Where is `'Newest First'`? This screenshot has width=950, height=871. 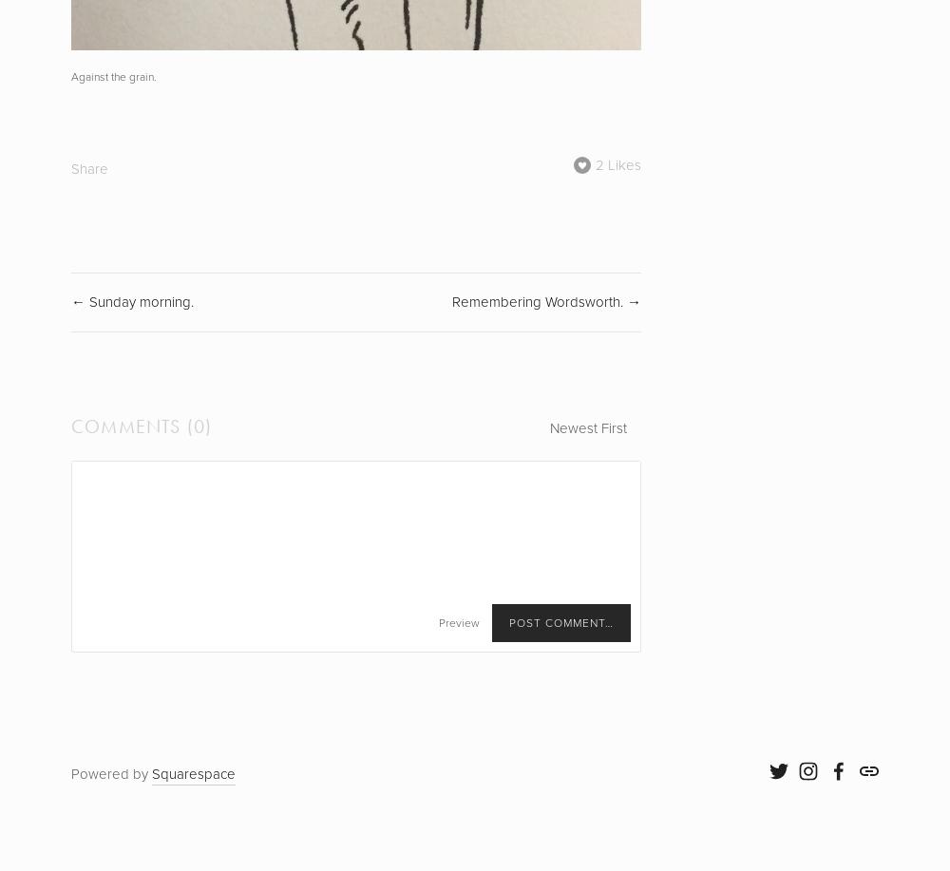 'Newest First' is located at coordinates (587, 427).